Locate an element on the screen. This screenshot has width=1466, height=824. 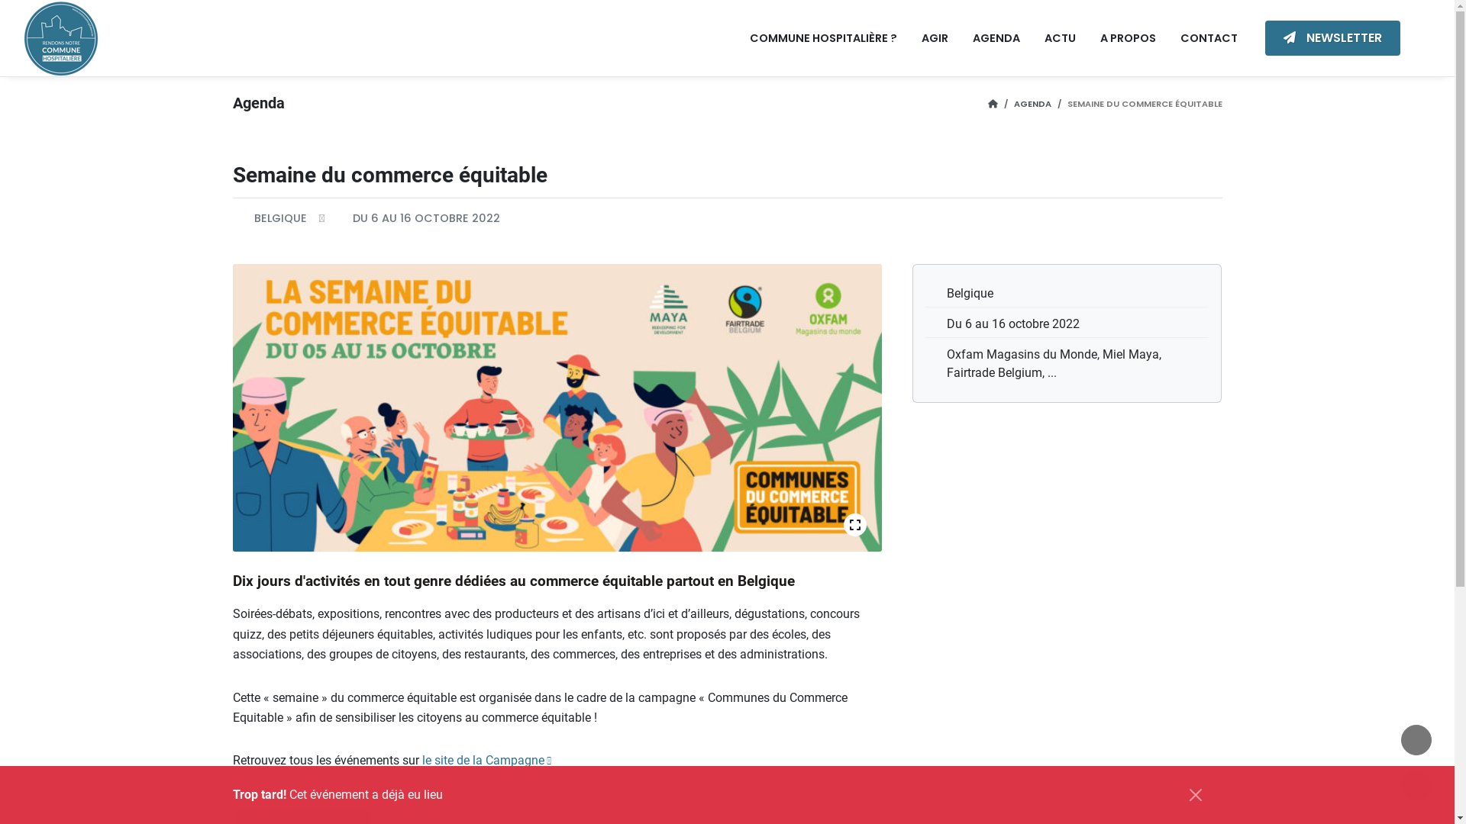
'A PROPOS' is located at coordinates (1128, 37).